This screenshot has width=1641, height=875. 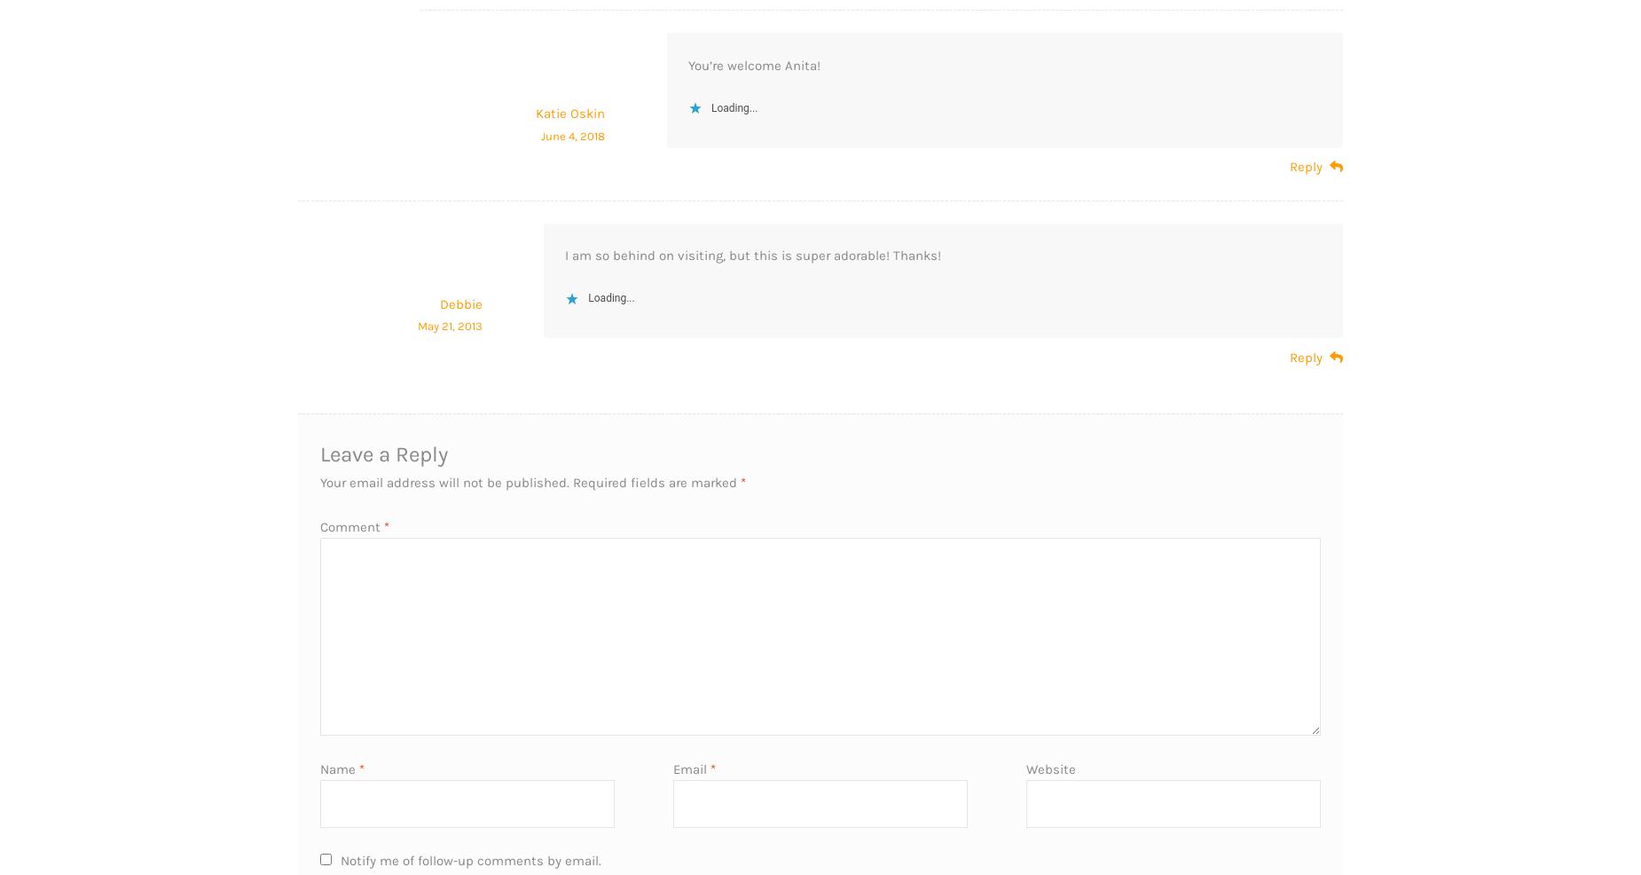 What do you see at coordinates (656, 480) in the screenshot?
I see `'Required fields are marked'` at bounding box center [656, 480].